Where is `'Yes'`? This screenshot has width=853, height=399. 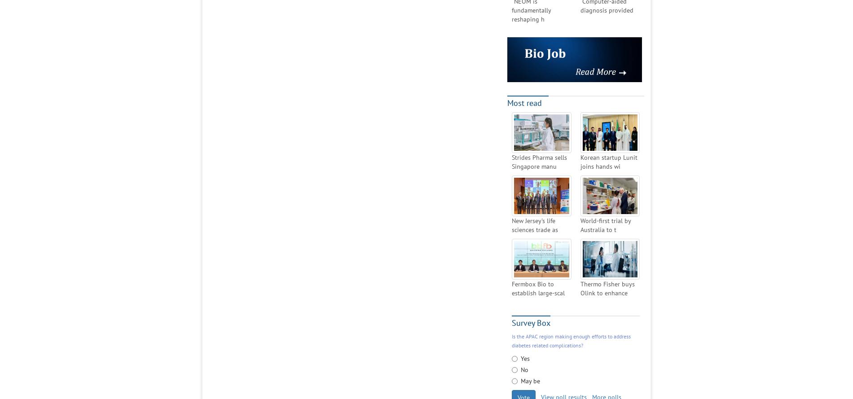
'Yes' is located at coordinates (520, 359).